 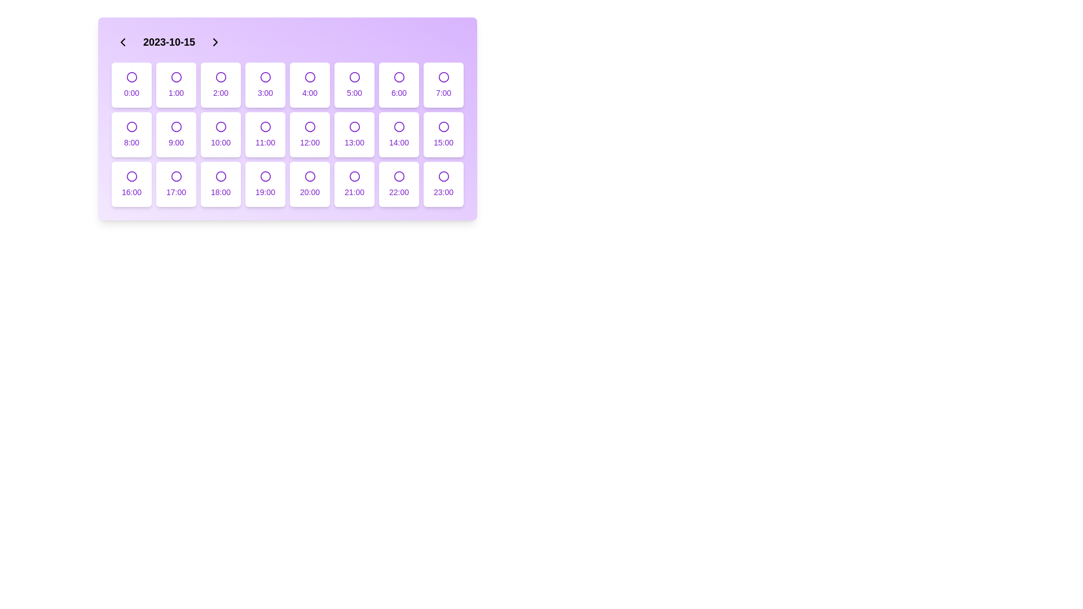 What do you see at coordinates (131, 176) in the screenshot?
I see `the circular icon with a purple border located in the '16:00' card in the fourth row of the calendar grid` at bounding box center [131, 176].